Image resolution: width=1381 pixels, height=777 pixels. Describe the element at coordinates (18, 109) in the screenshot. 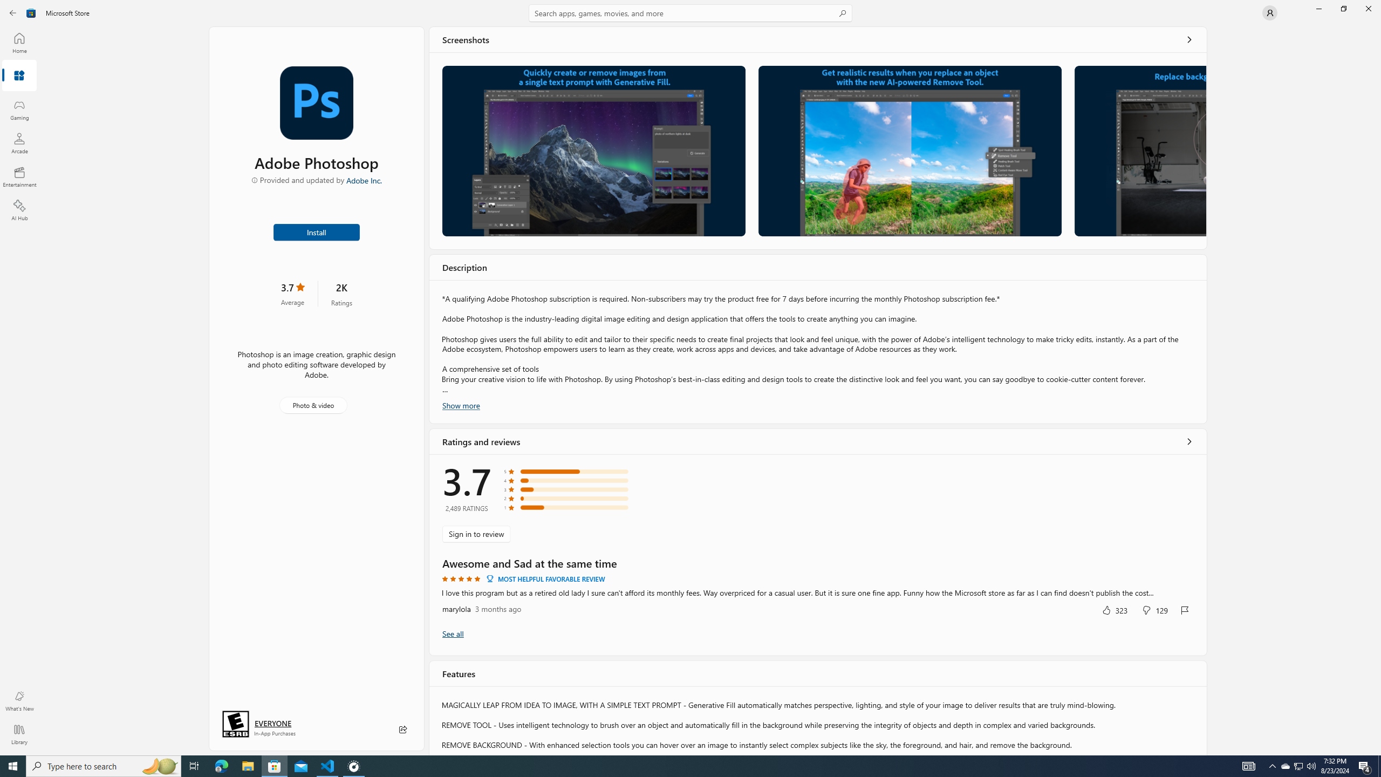

I see `'Gaming'` at that location.